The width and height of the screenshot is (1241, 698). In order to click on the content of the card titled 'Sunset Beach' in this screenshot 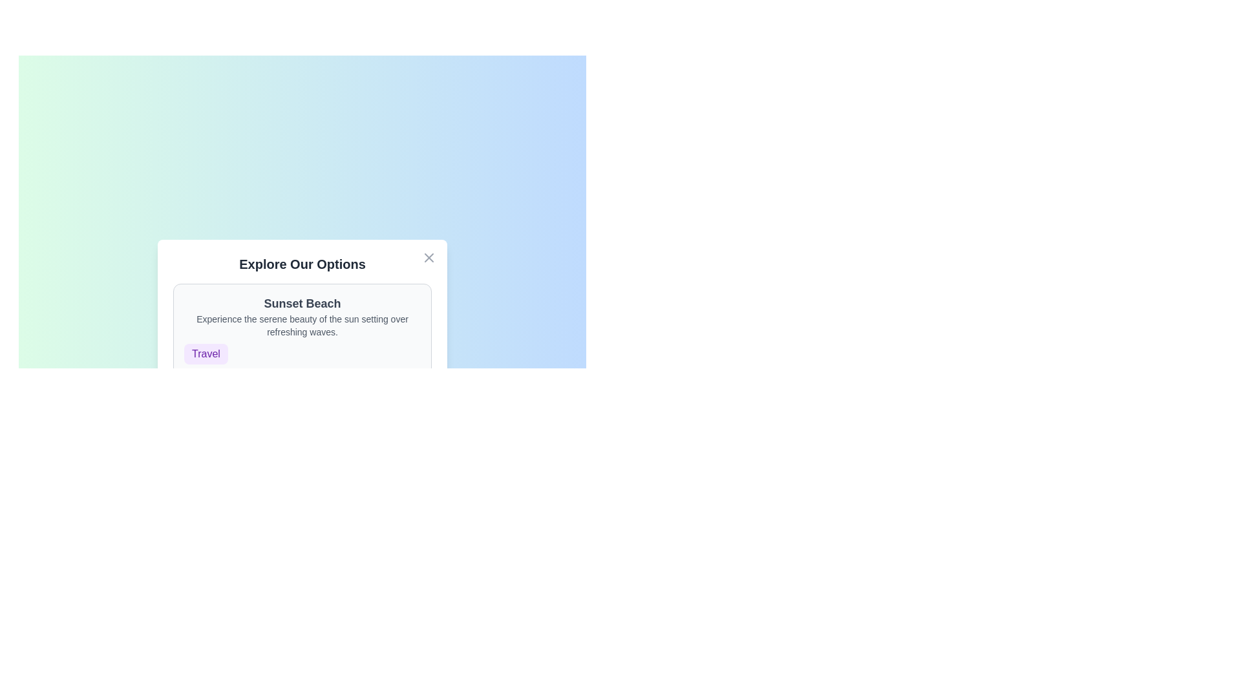, I will do `click(301, 328)`.